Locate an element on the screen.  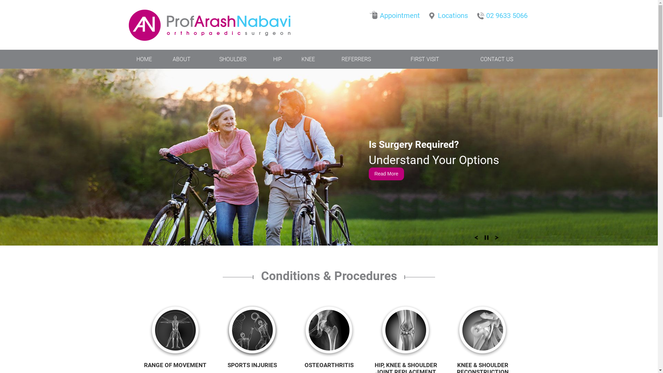
'02 9633 5066' is located at coordinates (475, 13).